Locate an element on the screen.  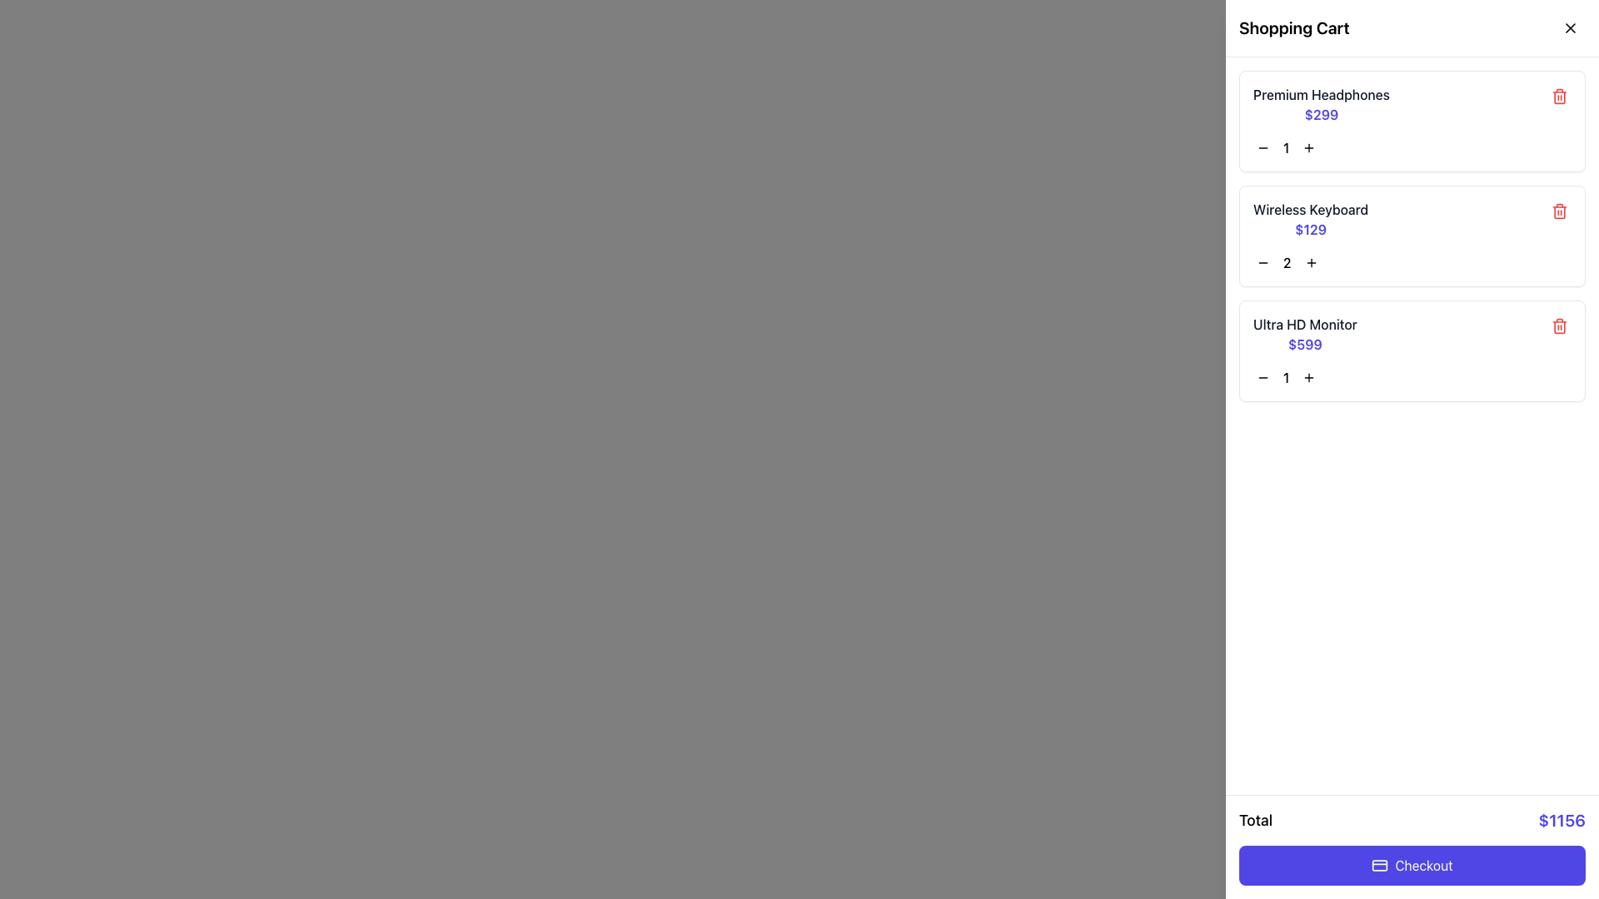
the bold text label displaying the amount '$1156' in violet color, which is located in the lower-right corner of the interface, beneath the listed products and next to the label 'Total' is located at coordinates (1561, 820).